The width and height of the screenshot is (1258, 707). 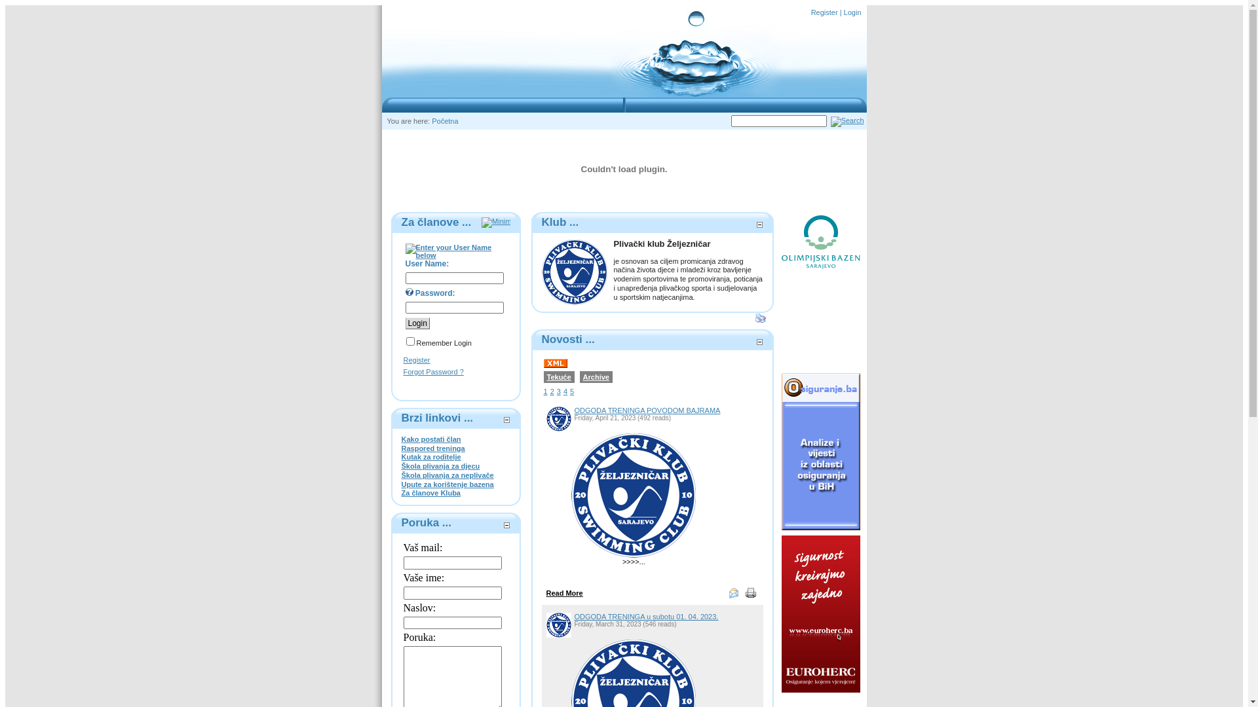 I want to click on '4', so click(x=565, y=390).